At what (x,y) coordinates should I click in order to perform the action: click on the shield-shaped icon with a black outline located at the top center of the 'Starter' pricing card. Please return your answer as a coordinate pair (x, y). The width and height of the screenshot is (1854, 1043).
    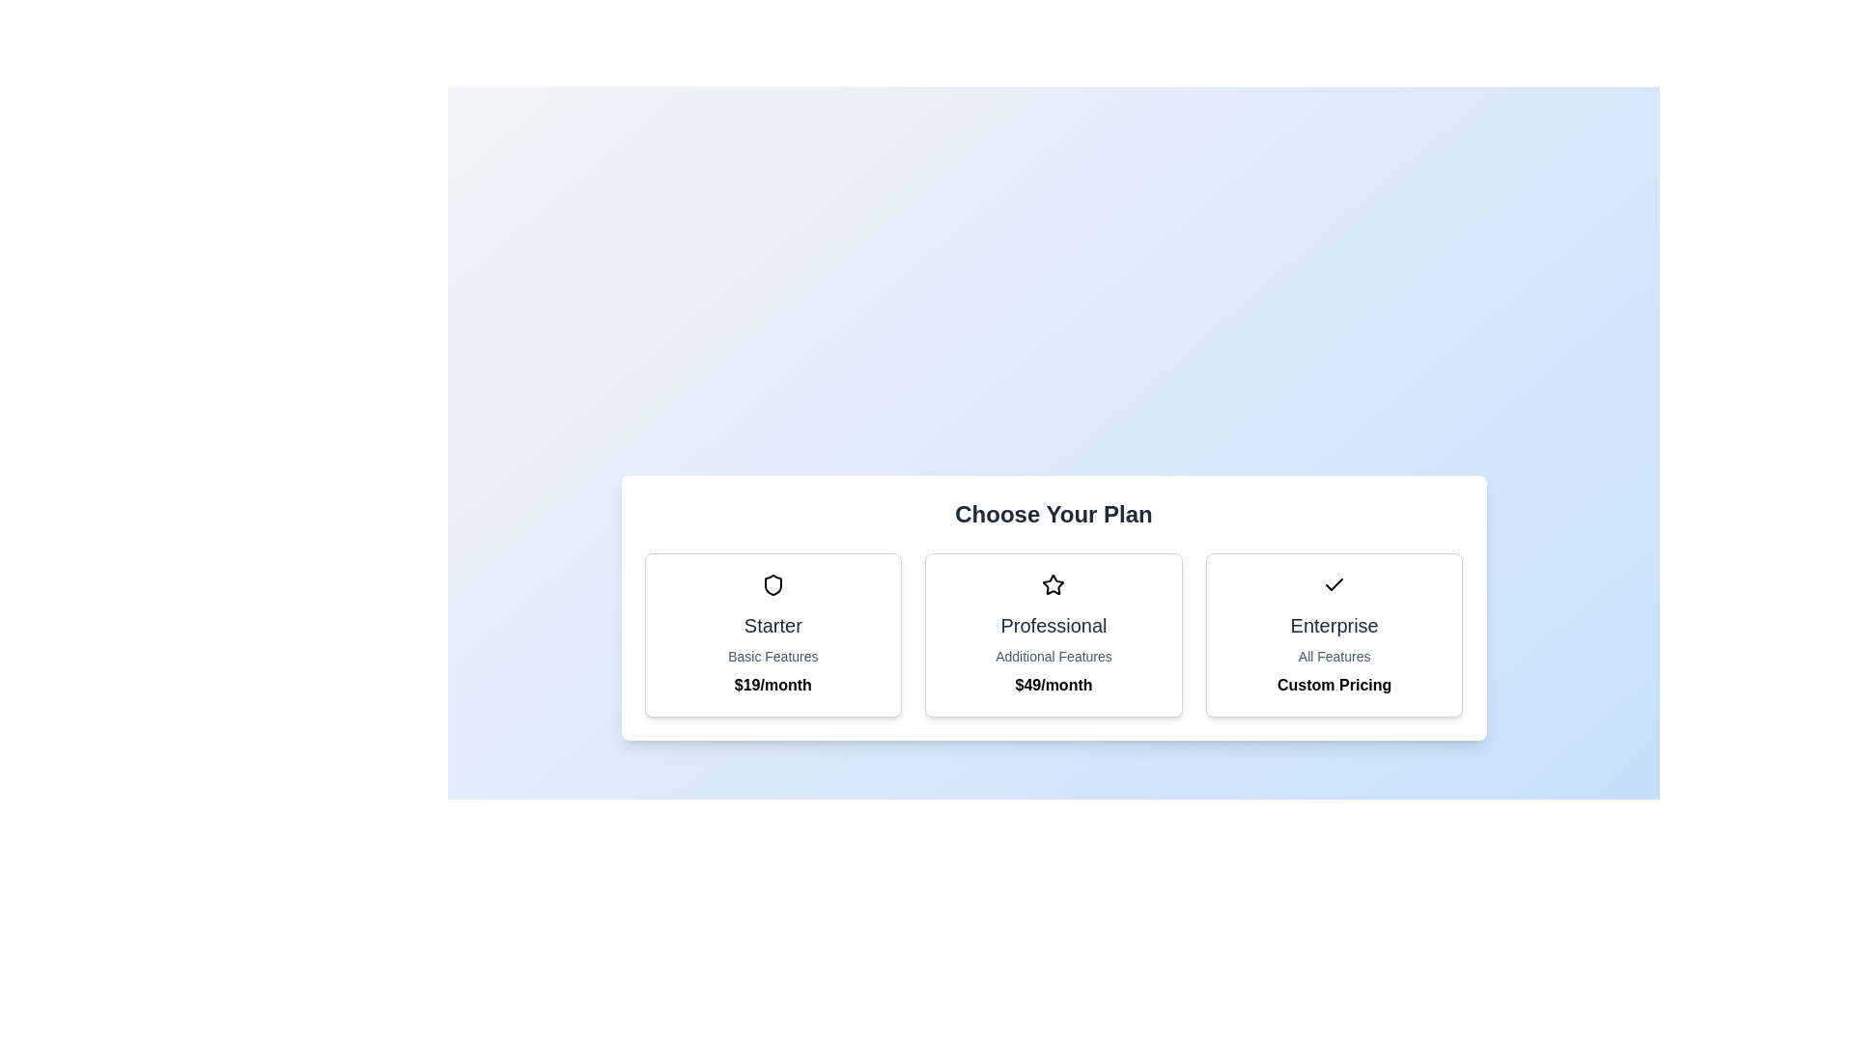
    Looking at the image, I should click on (772, 583).